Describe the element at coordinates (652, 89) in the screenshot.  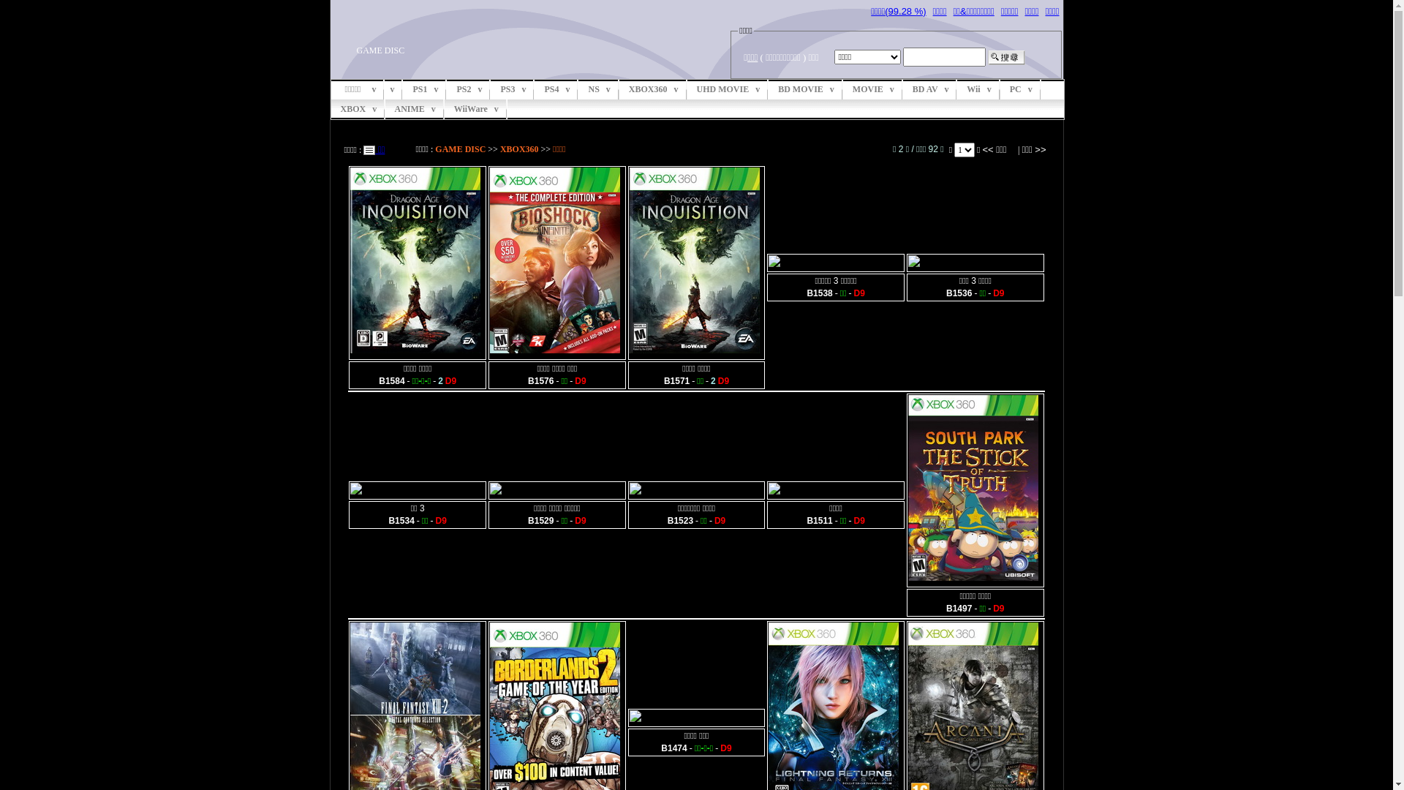
I see `'  XBOX360  '` at that location.